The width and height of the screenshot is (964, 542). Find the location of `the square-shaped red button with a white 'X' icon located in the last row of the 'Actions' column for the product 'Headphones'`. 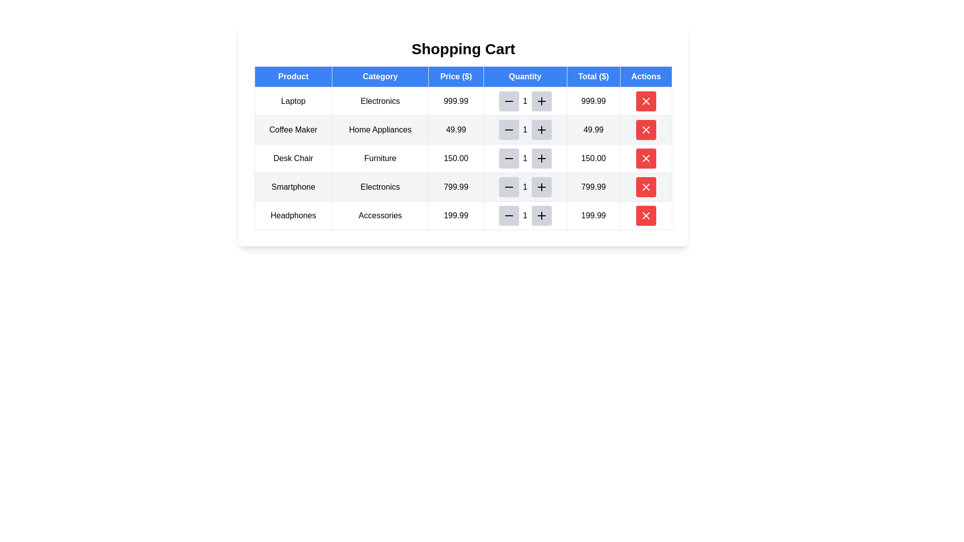

the square-shaped red button with a white 'X' icon located in the last row of the 'Actions' column for the product 'Headphones' is located at coordinates (646, 215).